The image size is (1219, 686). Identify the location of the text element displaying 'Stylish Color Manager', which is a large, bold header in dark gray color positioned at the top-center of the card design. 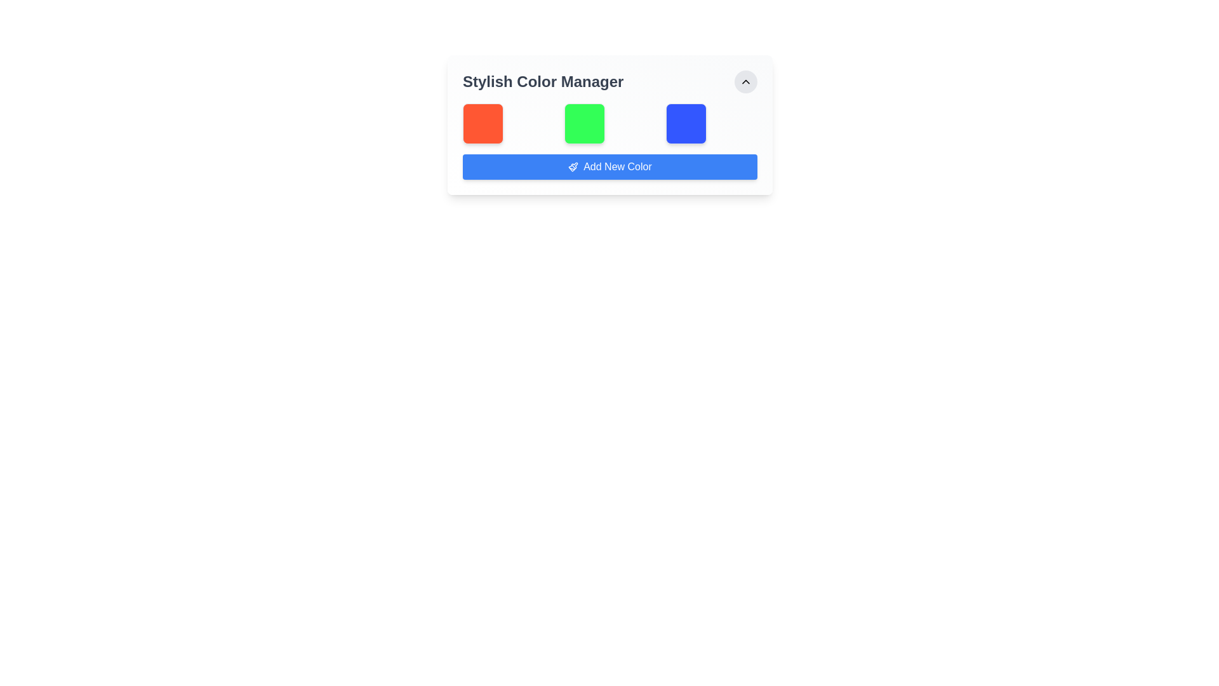
(543, 81).